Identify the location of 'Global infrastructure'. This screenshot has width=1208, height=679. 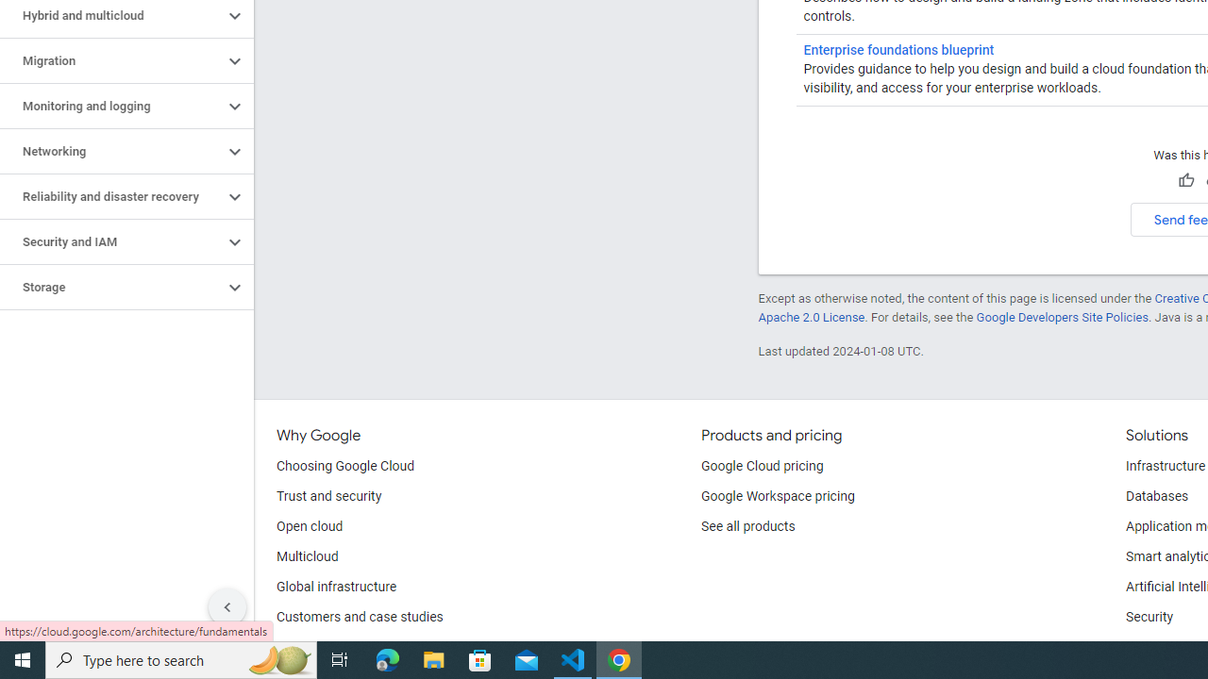
(337, 587).